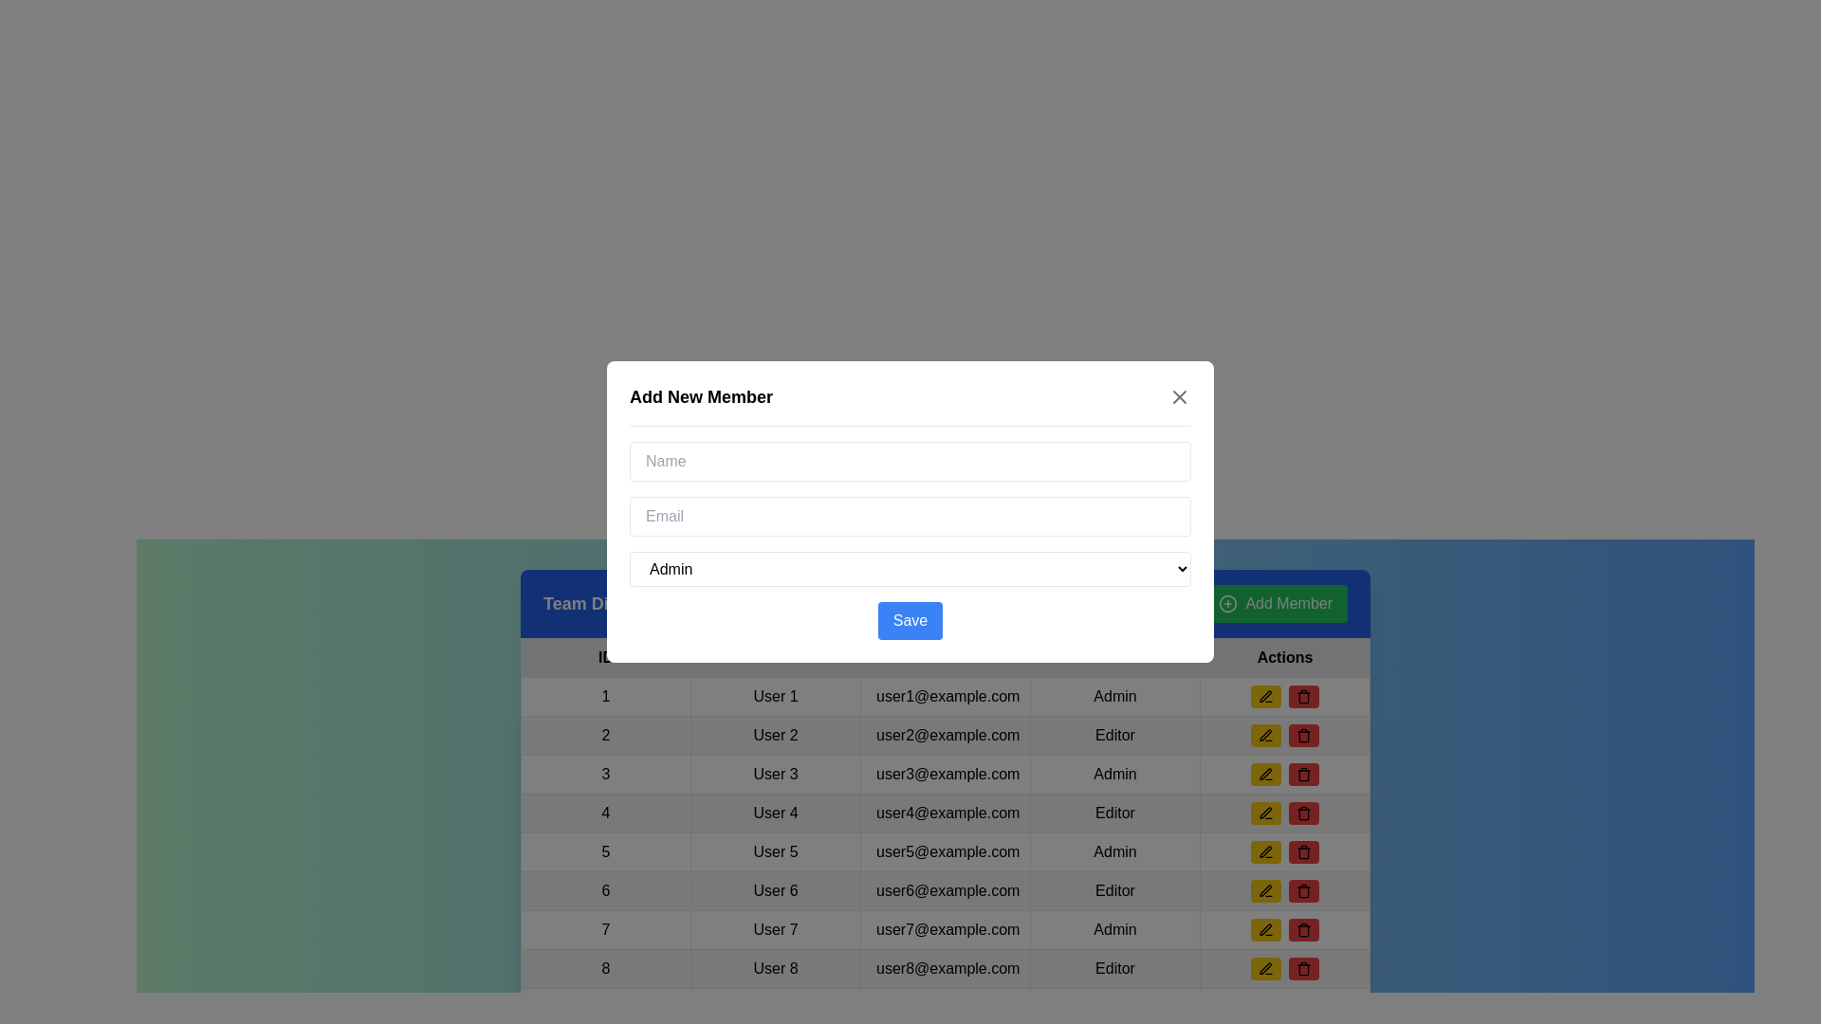 The width and height of the screenshot is (1821, 1024). What do you see at coordinates (1302, 697) in the screenshot?
I see `the small red button with a trash can icon located on the rightmost side of the 'Actions' column to initiate a delete action` at bounding box center [1302, 697].